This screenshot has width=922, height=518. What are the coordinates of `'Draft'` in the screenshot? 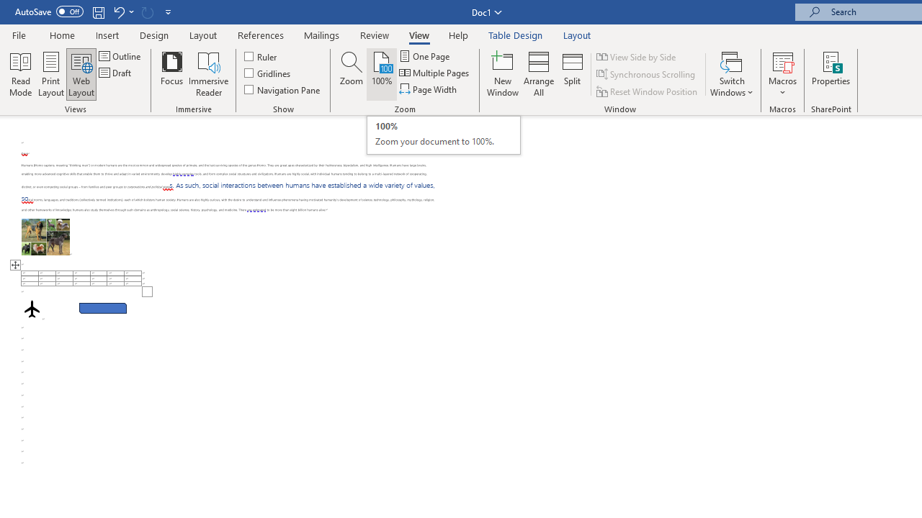 It's located at (116, 73).